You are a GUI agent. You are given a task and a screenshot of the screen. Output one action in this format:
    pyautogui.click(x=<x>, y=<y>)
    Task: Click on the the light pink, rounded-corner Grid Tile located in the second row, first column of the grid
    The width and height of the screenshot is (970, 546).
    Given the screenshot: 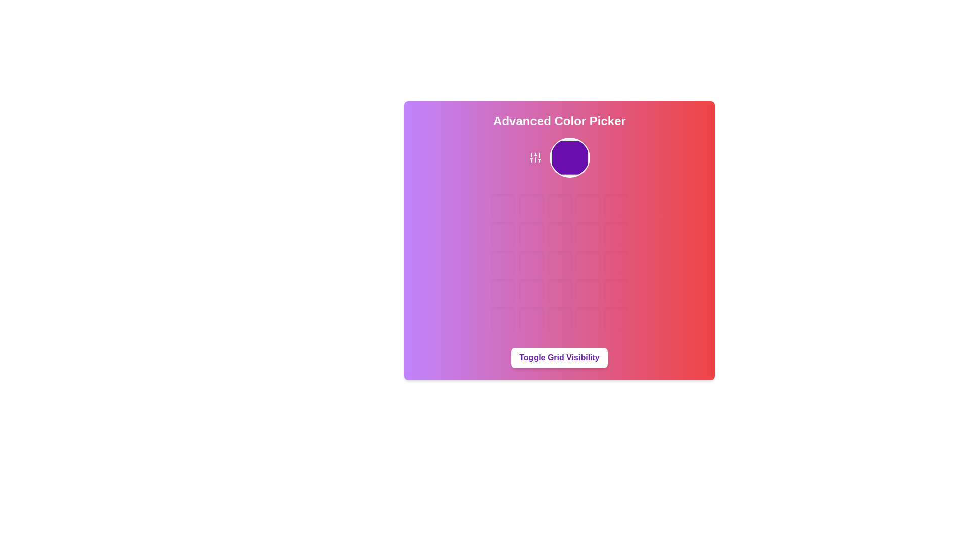 What is the action you would take?
    pyautogui.click(x=503, y=234)
    